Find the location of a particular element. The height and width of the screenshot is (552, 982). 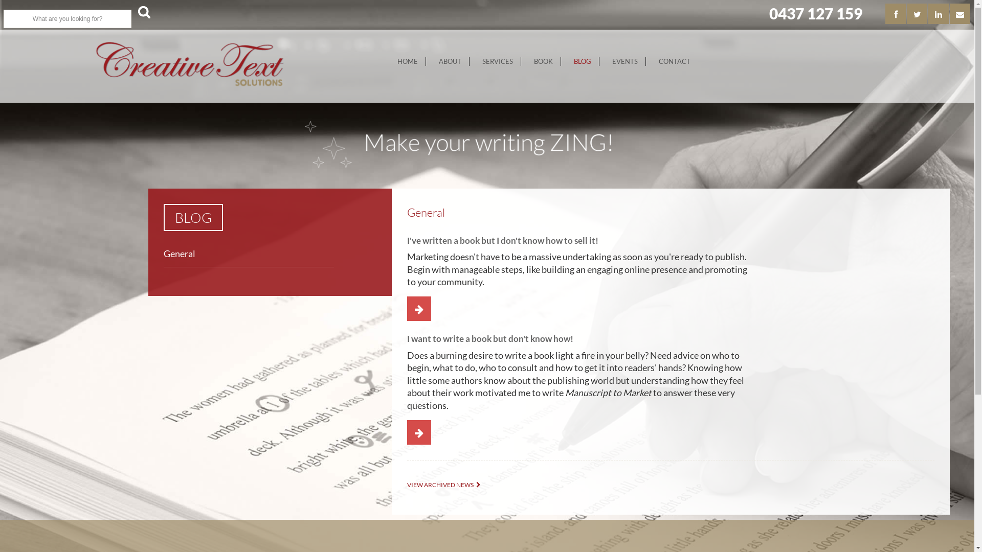

'HOME' is located at coordinates (389, 61).